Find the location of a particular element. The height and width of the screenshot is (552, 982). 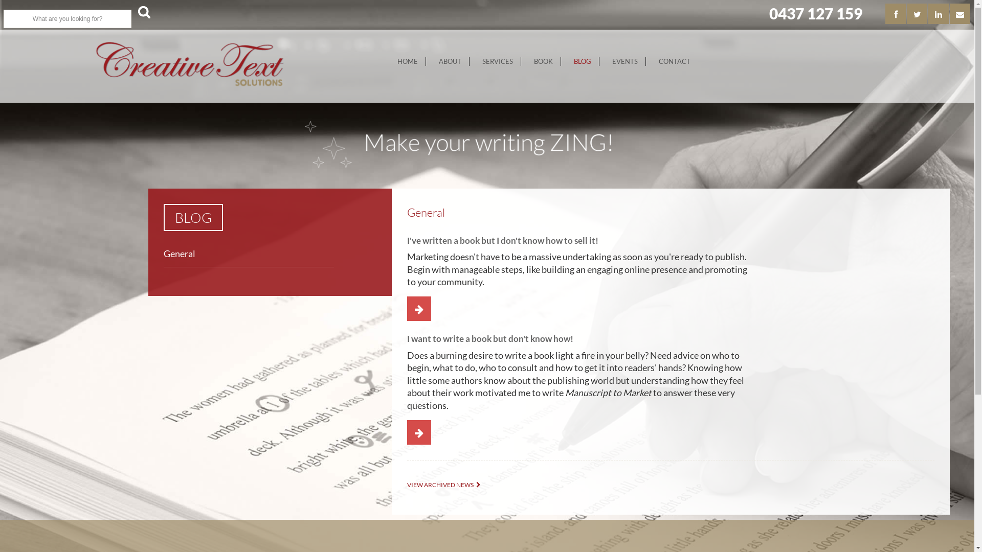

'HOME' is located at coordinates (389, 61).